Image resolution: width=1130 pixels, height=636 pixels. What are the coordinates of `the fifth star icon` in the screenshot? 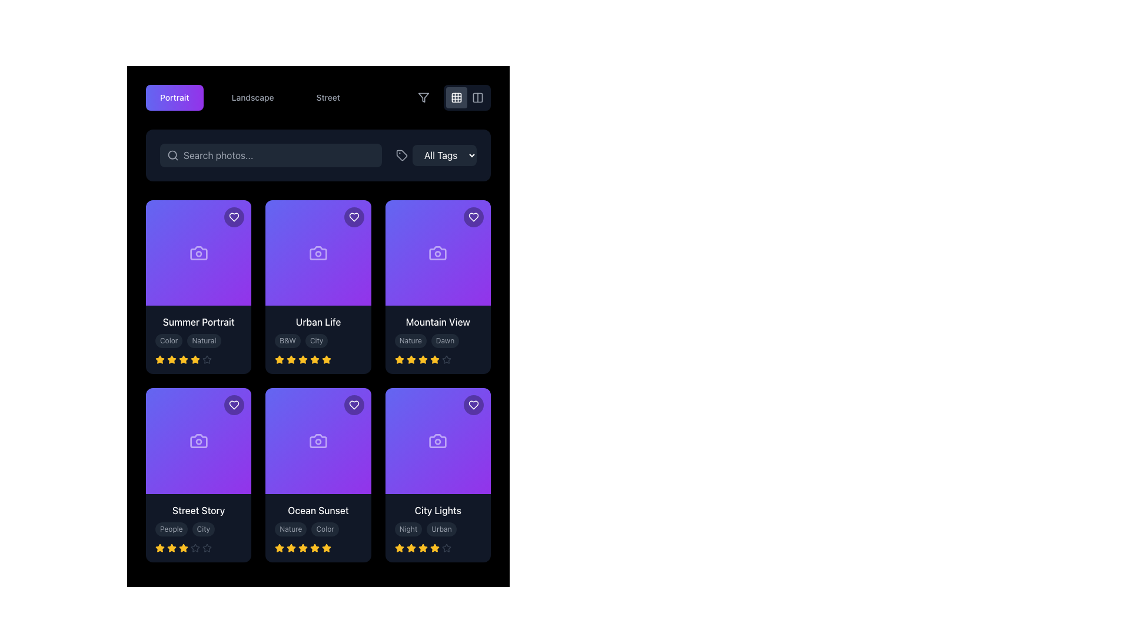 It's located at (195, 548).